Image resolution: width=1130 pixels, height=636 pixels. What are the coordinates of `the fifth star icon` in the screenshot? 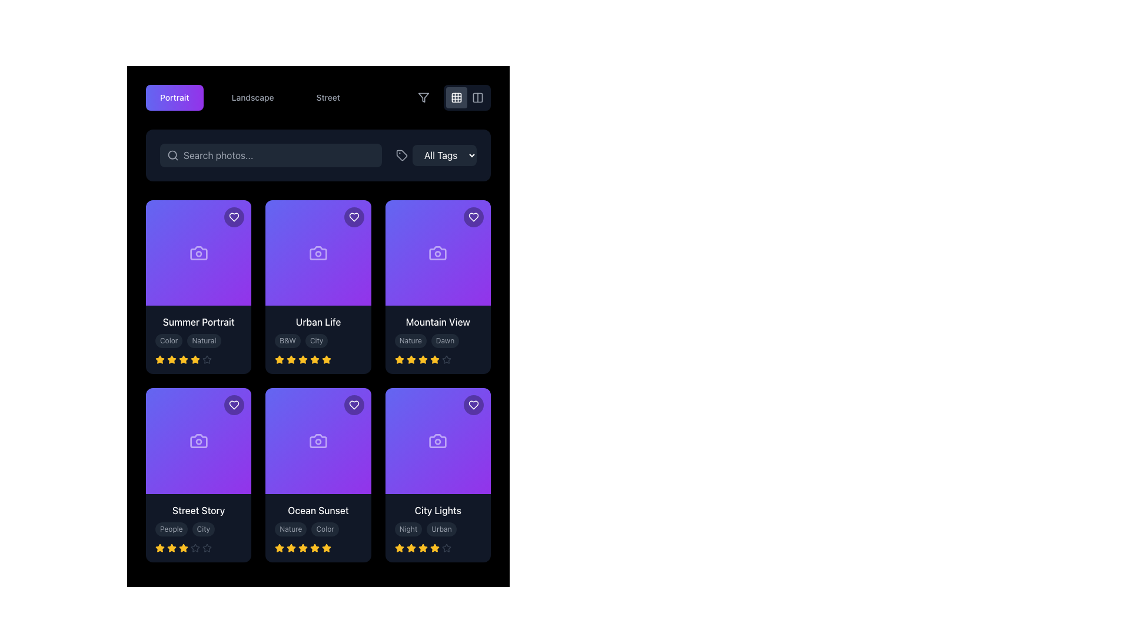 It's located at (195, 548).